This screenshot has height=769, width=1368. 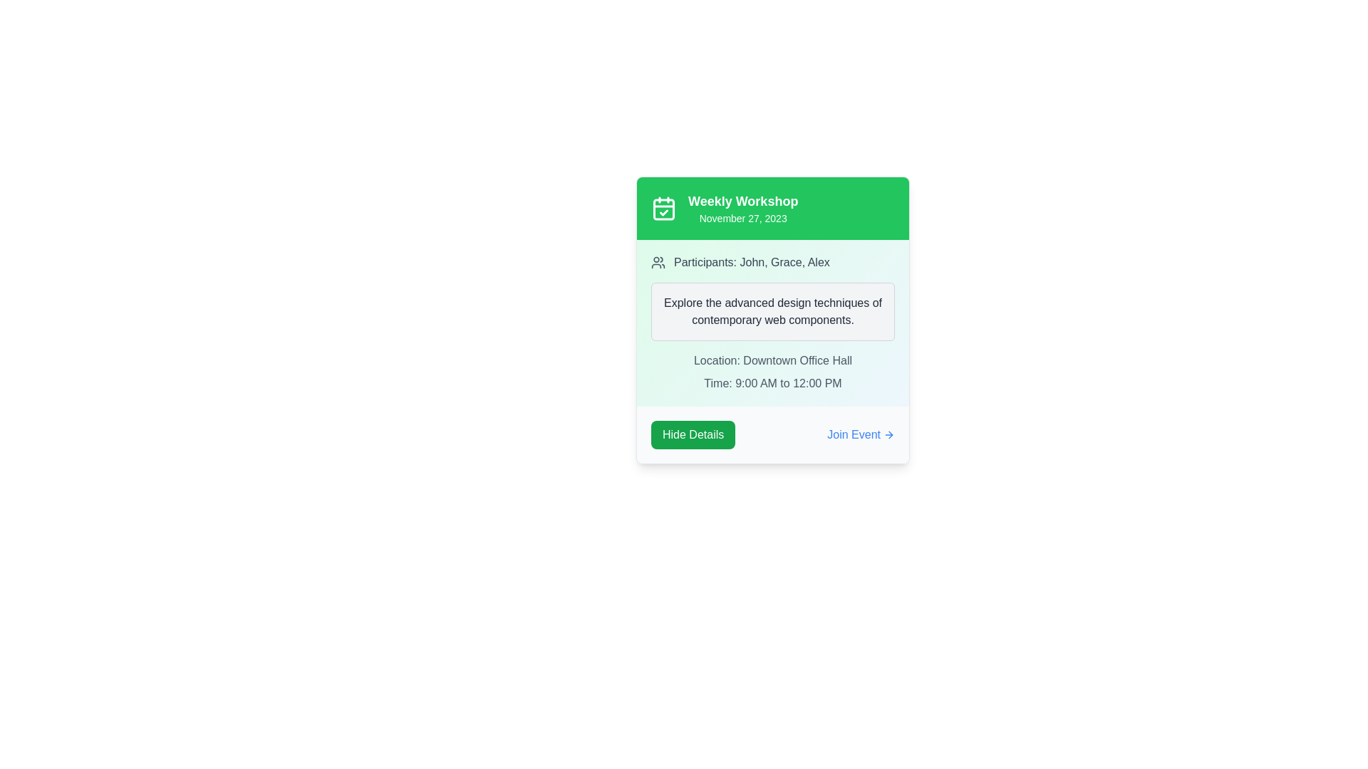 What do you see at coordinates (888, 434) in the screenshot?
I see `the rightward-pointing arrow icon that is part of the clickable text link 'Join Event' located at the bottom right of the card` at bounding box center [888, 434].